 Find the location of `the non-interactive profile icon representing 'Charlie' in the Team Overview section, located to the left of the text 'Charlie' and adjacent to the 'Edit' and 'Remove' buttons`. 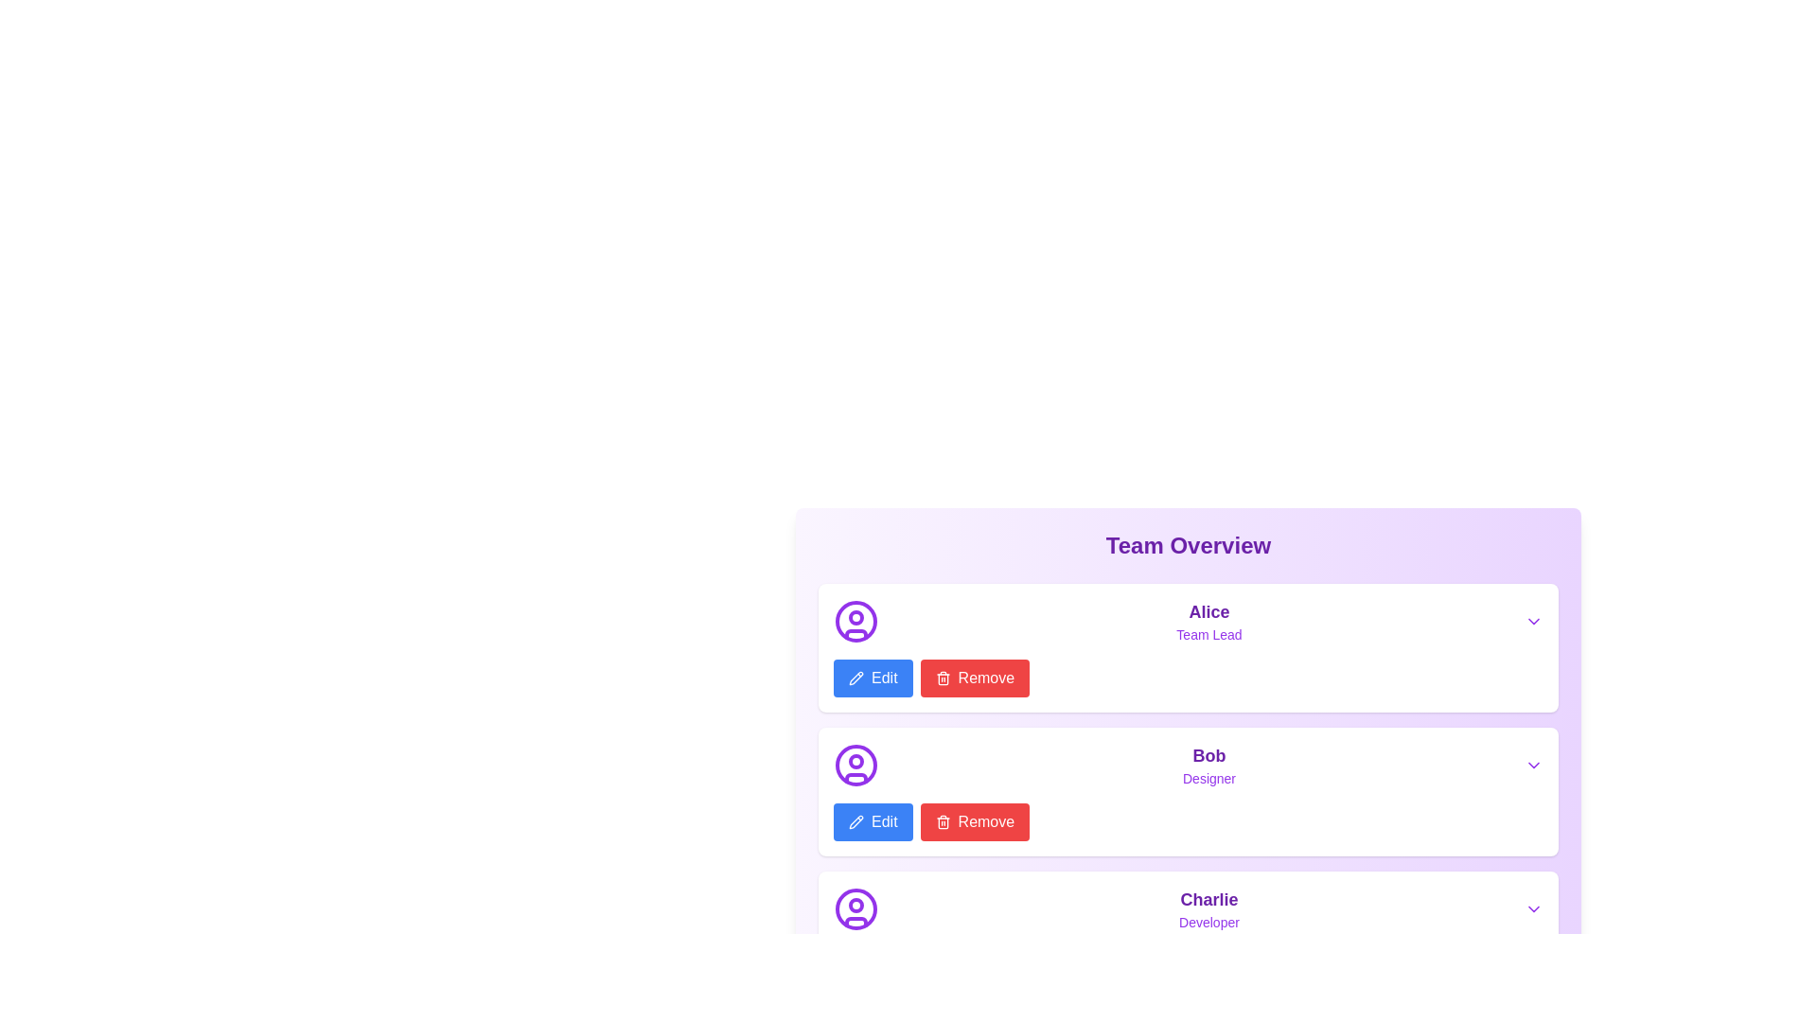

the non-interactive profile icon representing 'Charlie' in the Team Overview section, located to the left of the text 'Charlie' and adjacent to the 'Edit' and 'Remove' buttons is located at coordinates (856, 907).